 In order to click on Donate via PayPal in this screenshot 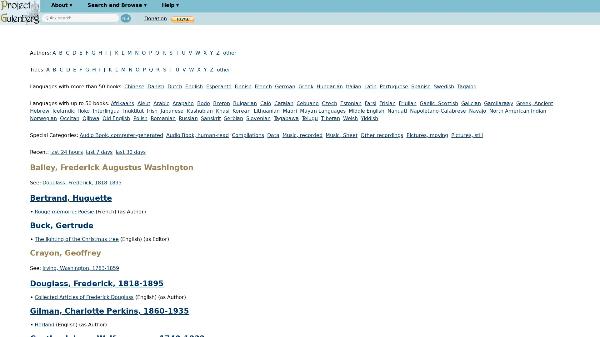, I will do `click(182, 19)`.